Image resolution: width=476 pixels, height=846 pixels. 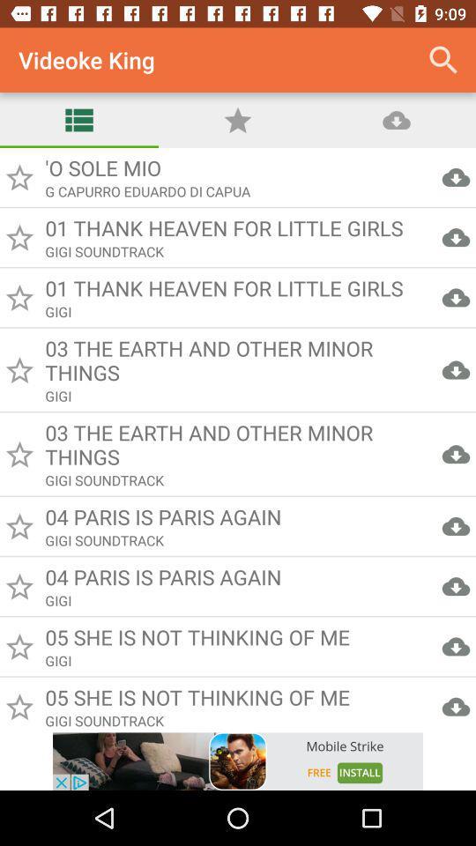 What do you see at coordinates (238, 439) in the screenshot?
I see `download soundtrack` at bounding box center [238, 439].